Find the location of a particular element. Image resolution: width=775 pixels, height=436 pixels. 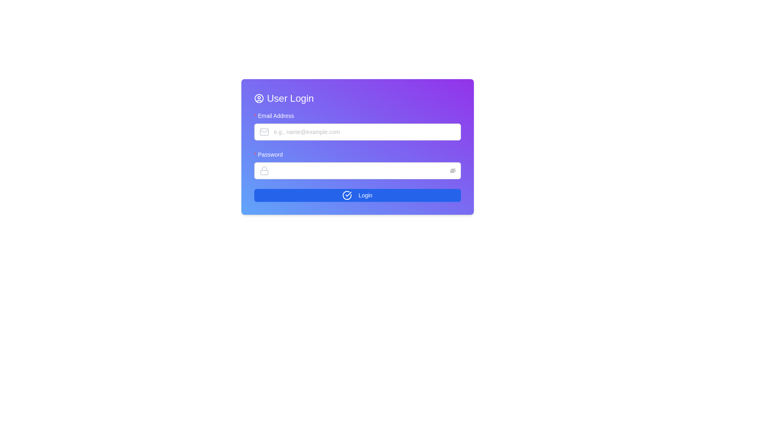

the SVG icon representing a user profile located to the left of the 'User Login' text section is located at coordinates (259, 98).